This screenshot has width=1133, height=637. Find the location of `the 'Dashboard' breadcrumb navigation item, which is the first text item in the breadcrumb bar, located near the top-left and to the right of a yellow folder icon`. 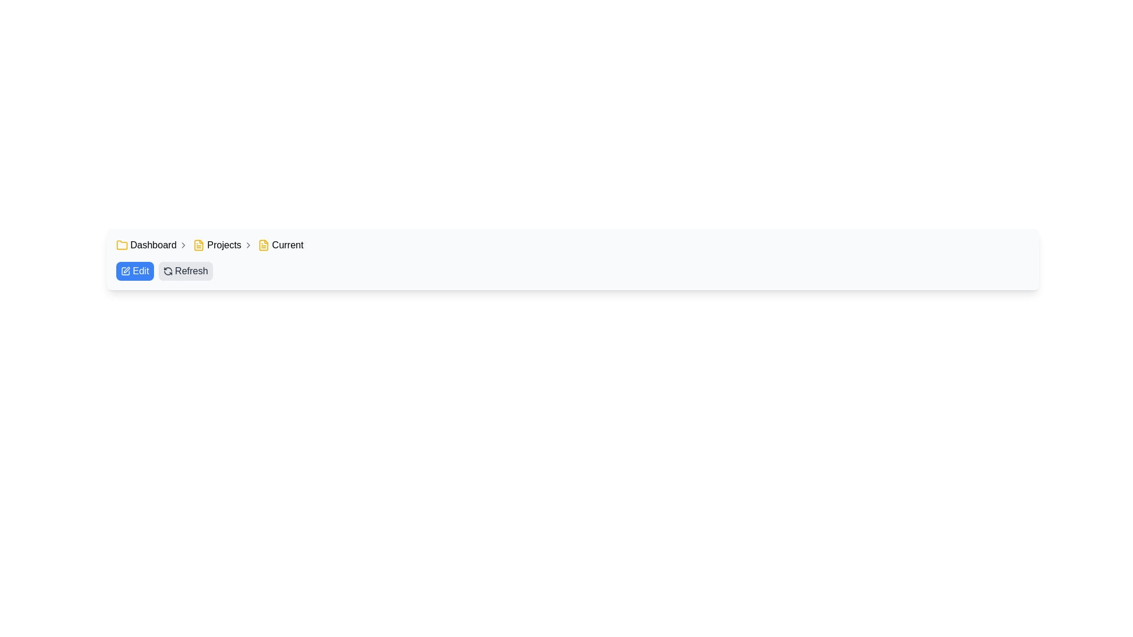

the 'Dashboard' breadcrumb navigation item, which is the first text item in the breadcrumb bar, located near the top-left and to the right of a yellow folder icon is located at coordinates (153, 245).